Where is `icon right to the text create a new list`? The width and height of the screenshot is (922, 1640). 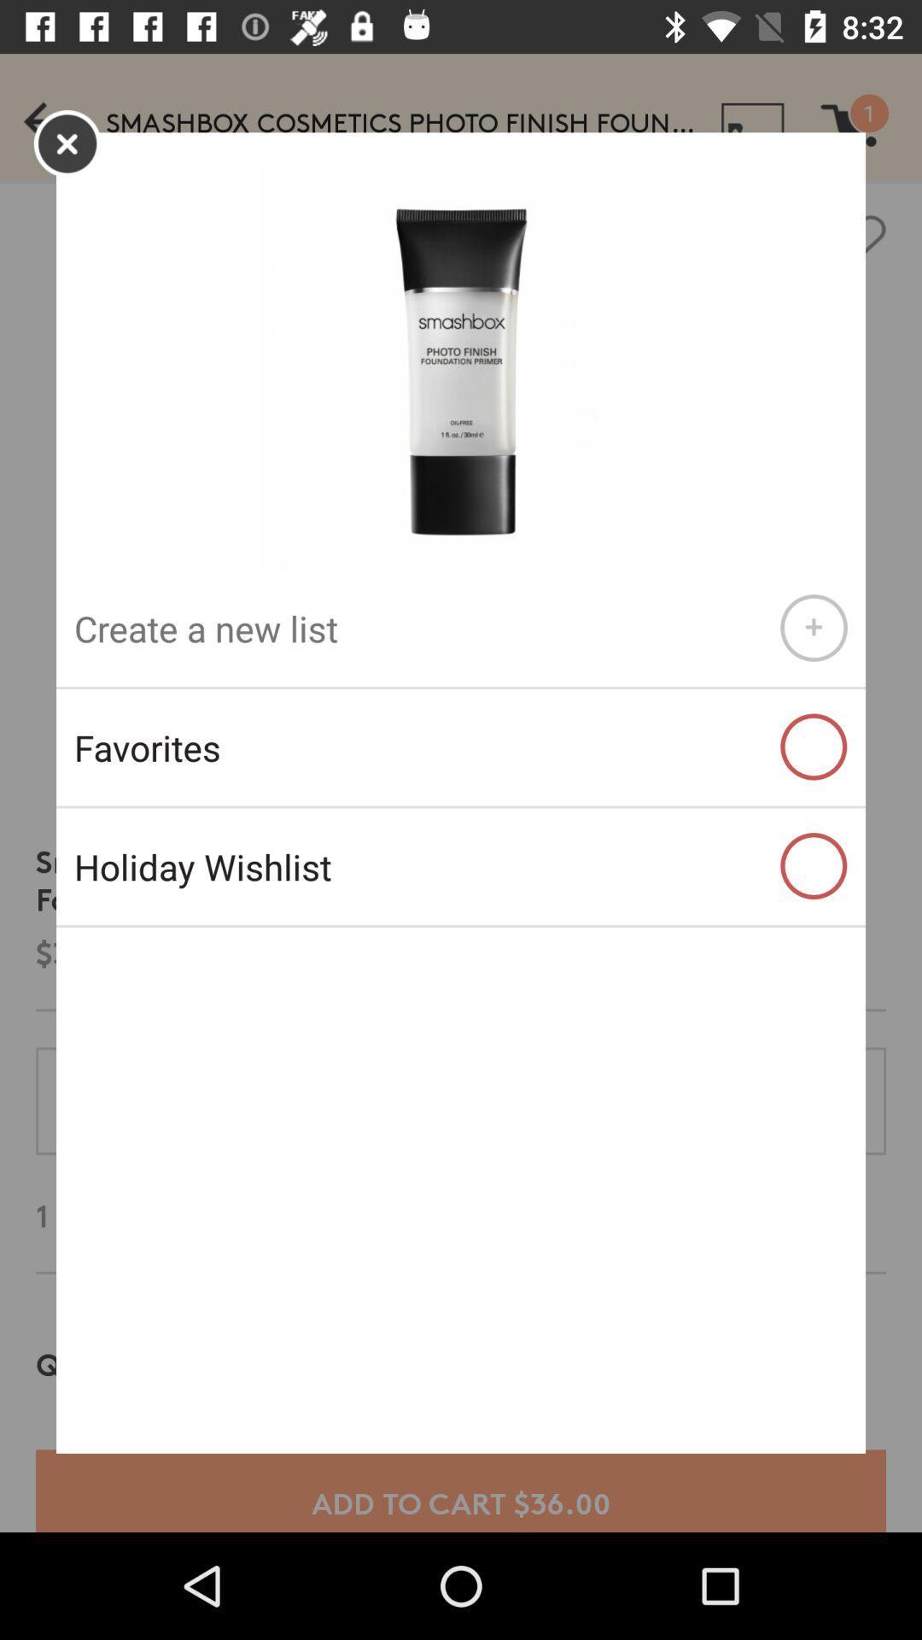 icon right to the text create a new list is located at coordinates (813, 627).